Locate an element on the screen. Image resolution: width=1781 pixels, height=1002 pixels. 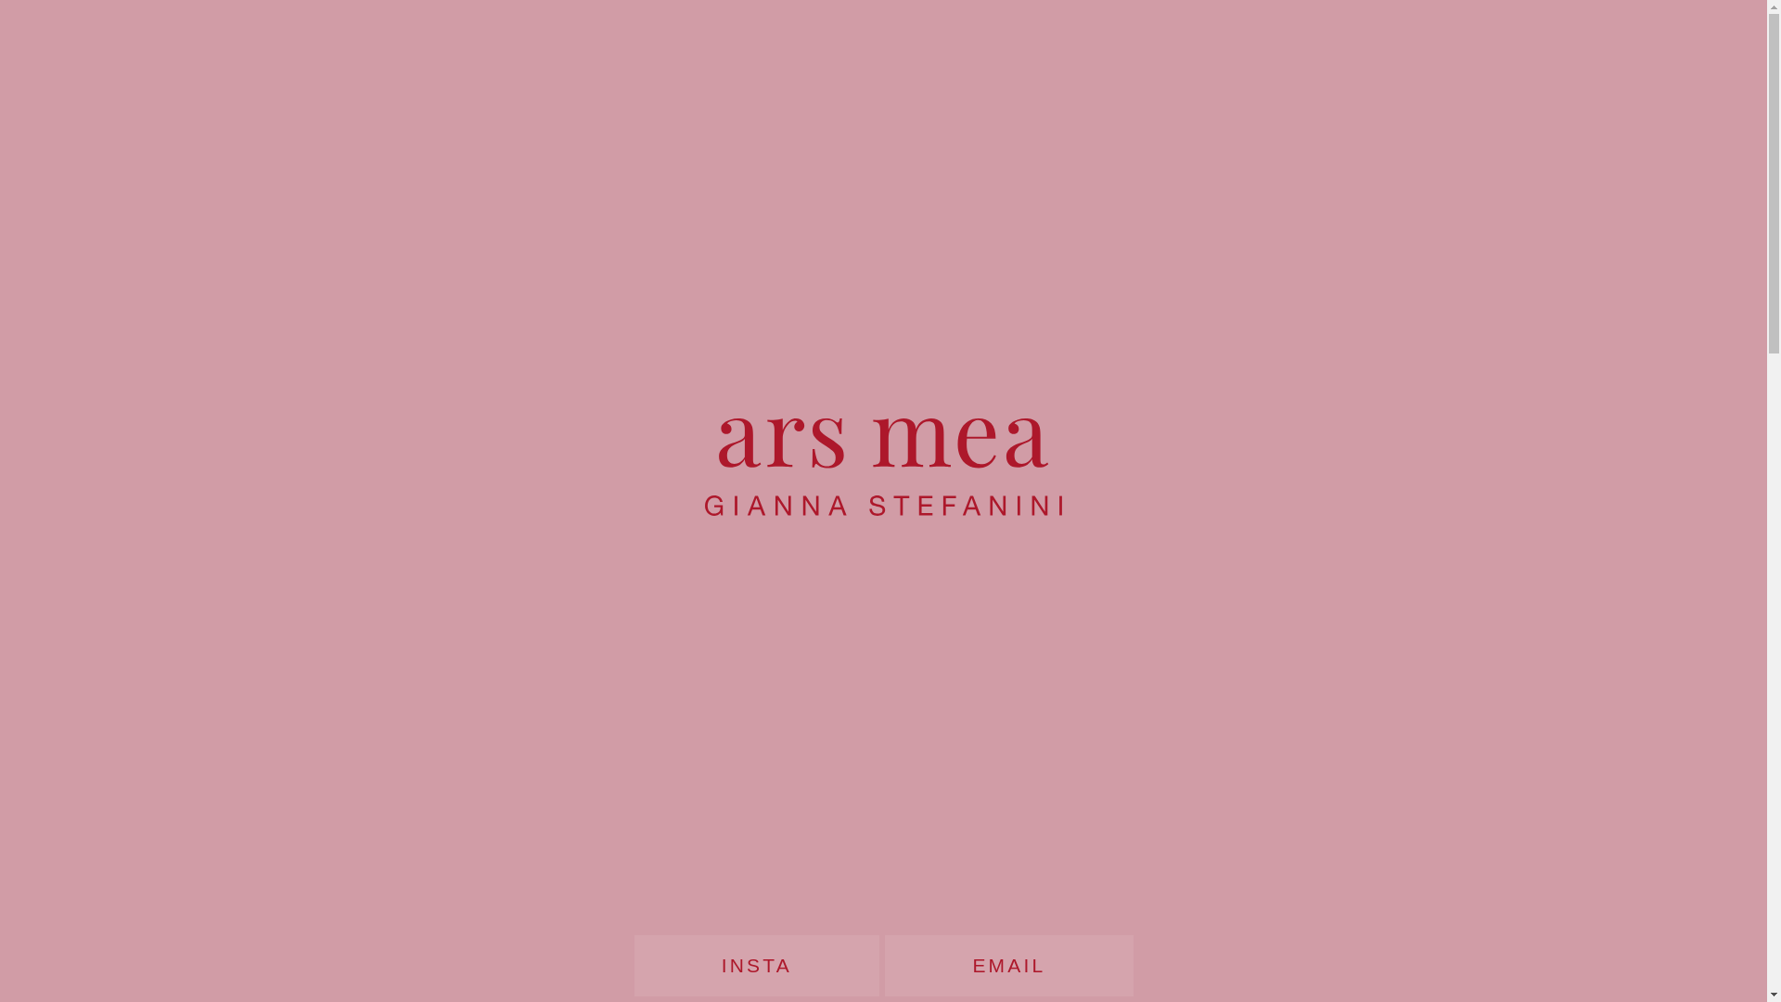
'EMAIL' is located at coordinates (1007, 965).